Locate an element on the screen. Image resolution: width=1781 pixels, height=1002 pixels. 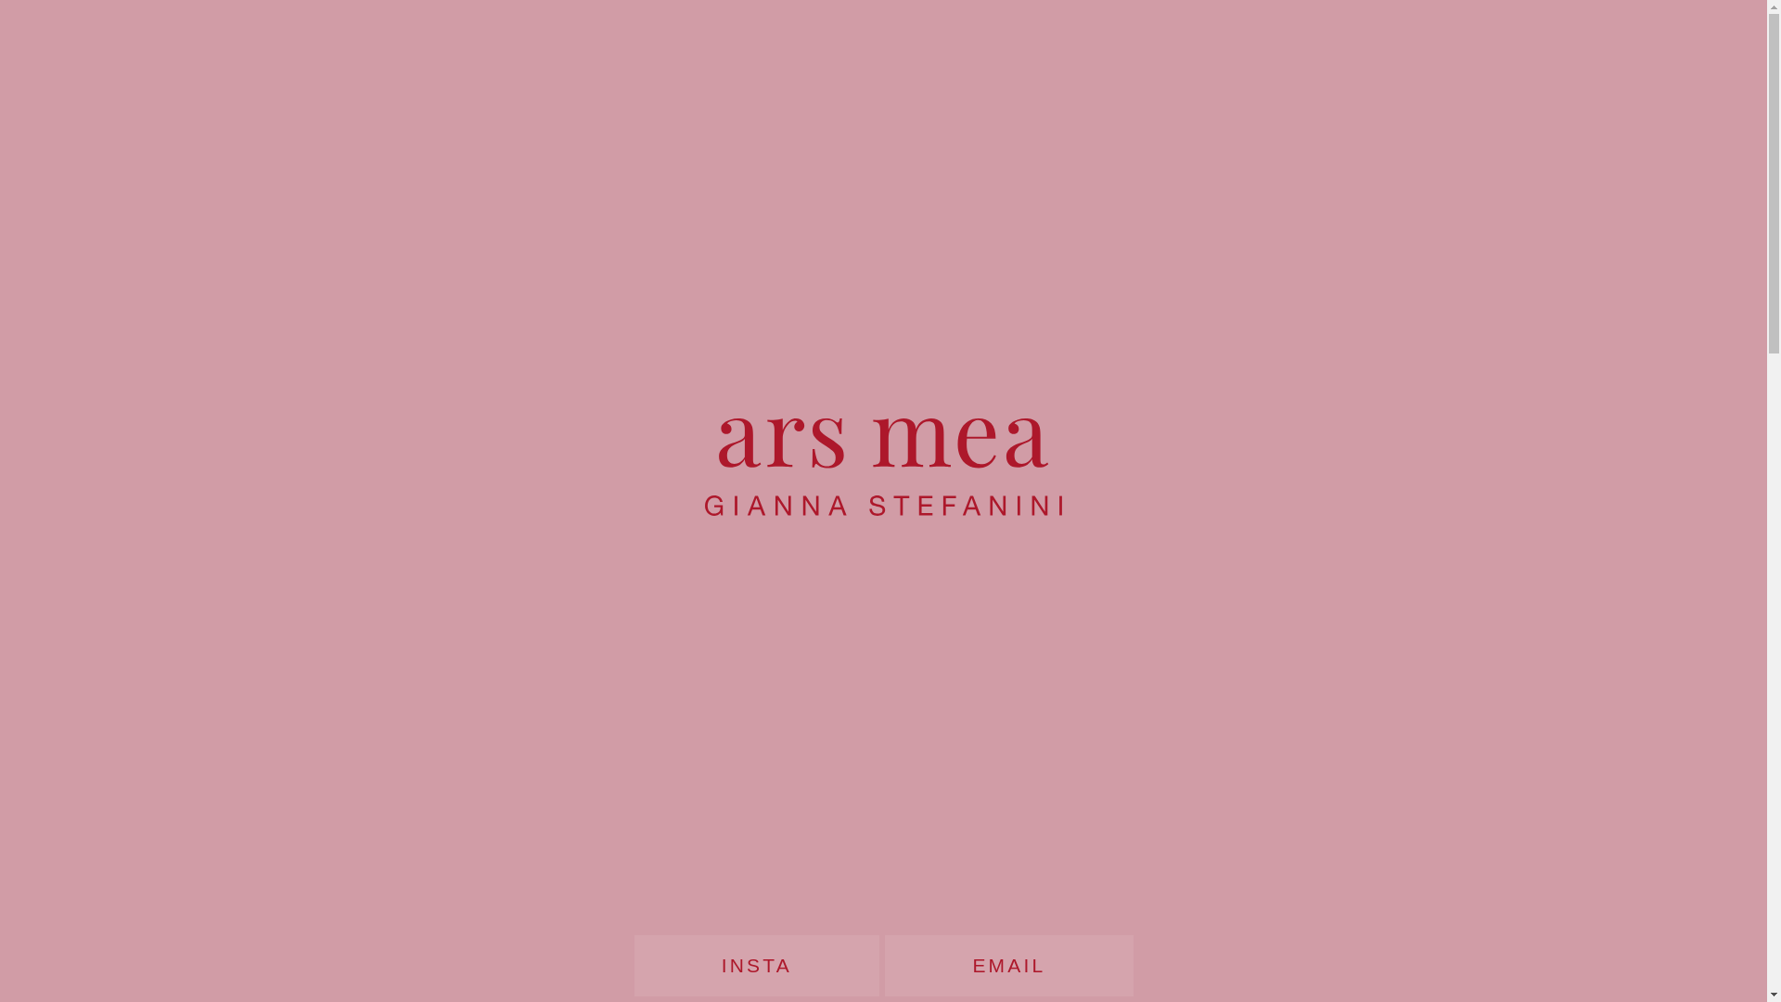
'EMAIL' is located at coordinates (1007, 965).